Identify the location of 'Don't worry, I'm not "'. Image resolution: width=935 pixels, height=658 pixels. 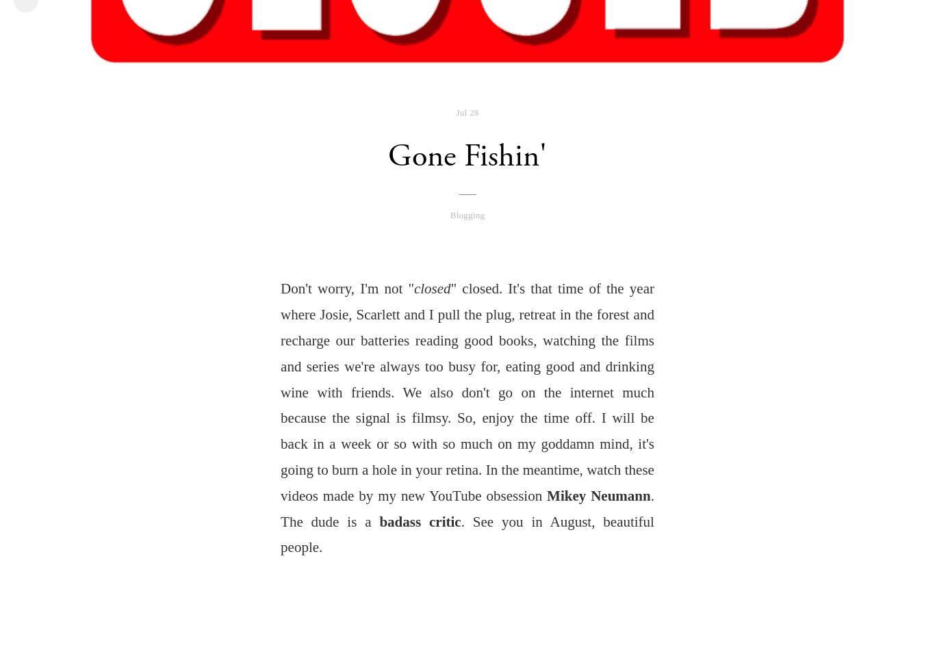
(347, 288).